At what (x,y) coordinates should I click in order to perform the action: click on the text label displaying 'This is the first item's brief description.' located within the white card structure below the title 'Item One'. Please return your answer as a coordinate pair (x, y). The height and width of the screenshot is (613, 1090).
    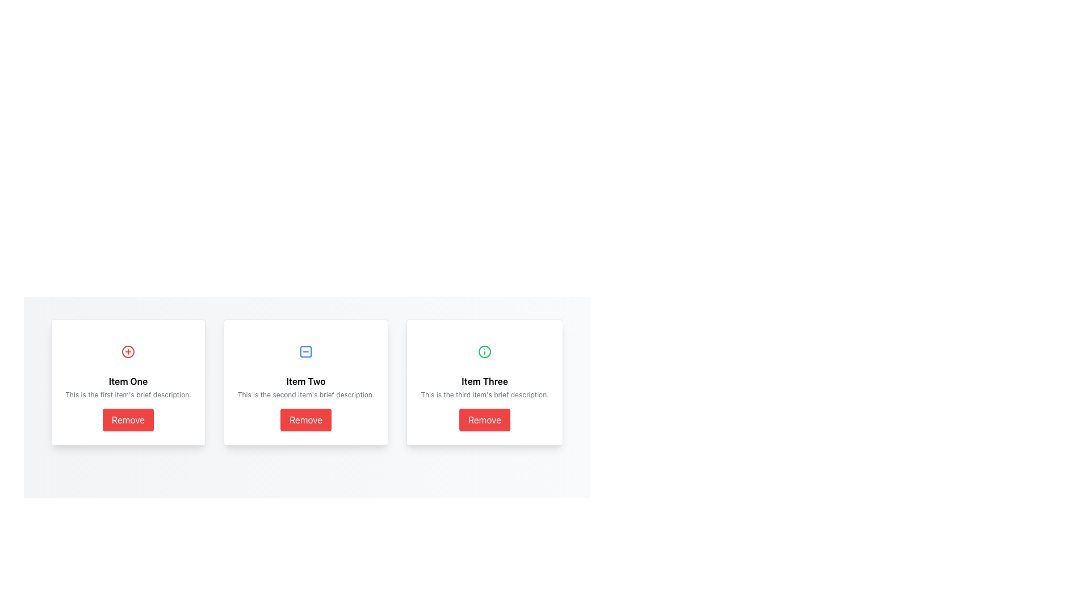
    Looking at the image, I should click on (128, 394).